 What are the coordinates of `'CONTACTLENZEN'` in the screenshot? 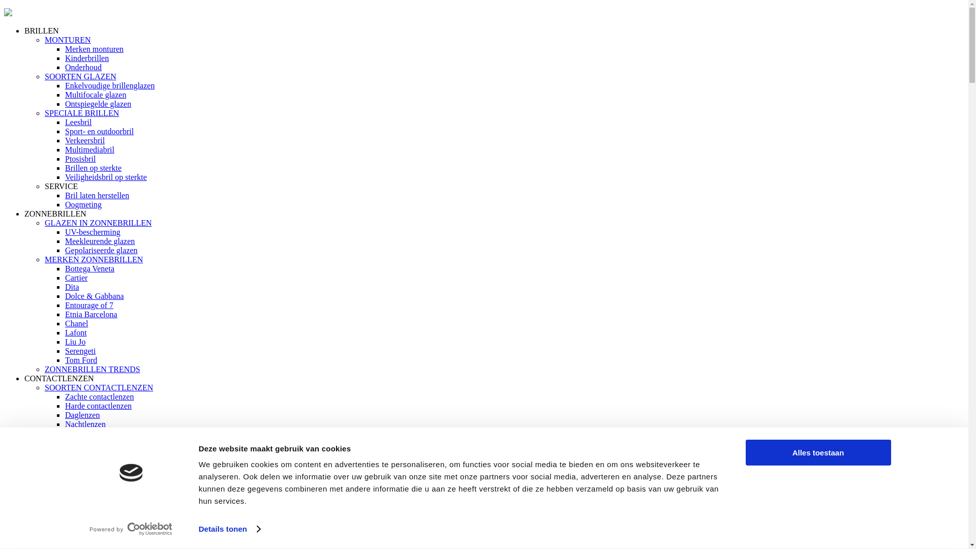 It's located at (58, 378).